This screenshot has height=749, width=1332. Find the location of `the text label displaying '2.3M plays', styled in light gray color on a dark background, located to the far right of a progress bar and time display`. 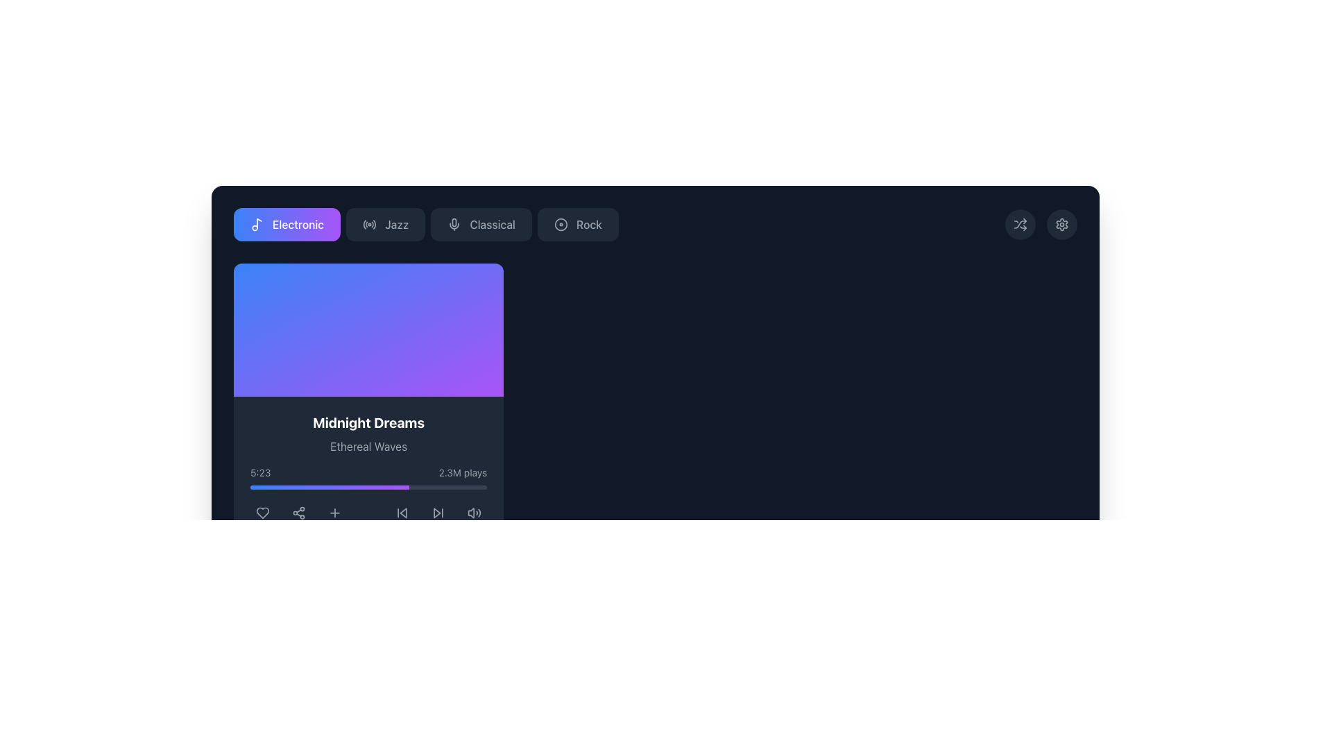

the text label displaying '2.3M plays', styled in light gray color on a dark background, located to the far right of a progress bar and time display is located at coordinates (463, 472).